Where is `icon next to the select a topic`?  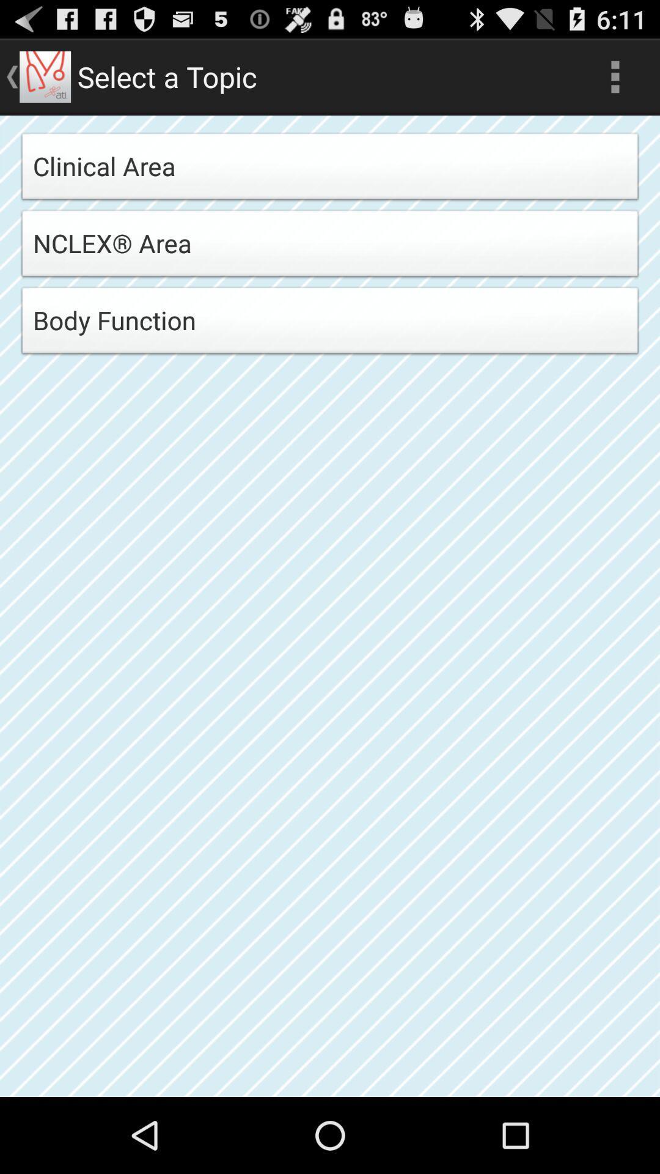 icon next to the select a topic is located at coordinates (615, 76).